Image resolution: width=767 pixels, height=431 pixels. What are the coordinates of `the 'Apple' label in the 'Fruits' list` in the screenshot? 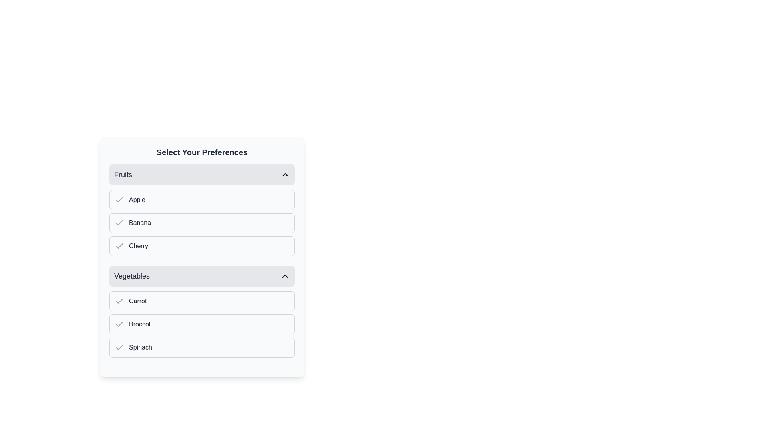 It's located at (137, 200).